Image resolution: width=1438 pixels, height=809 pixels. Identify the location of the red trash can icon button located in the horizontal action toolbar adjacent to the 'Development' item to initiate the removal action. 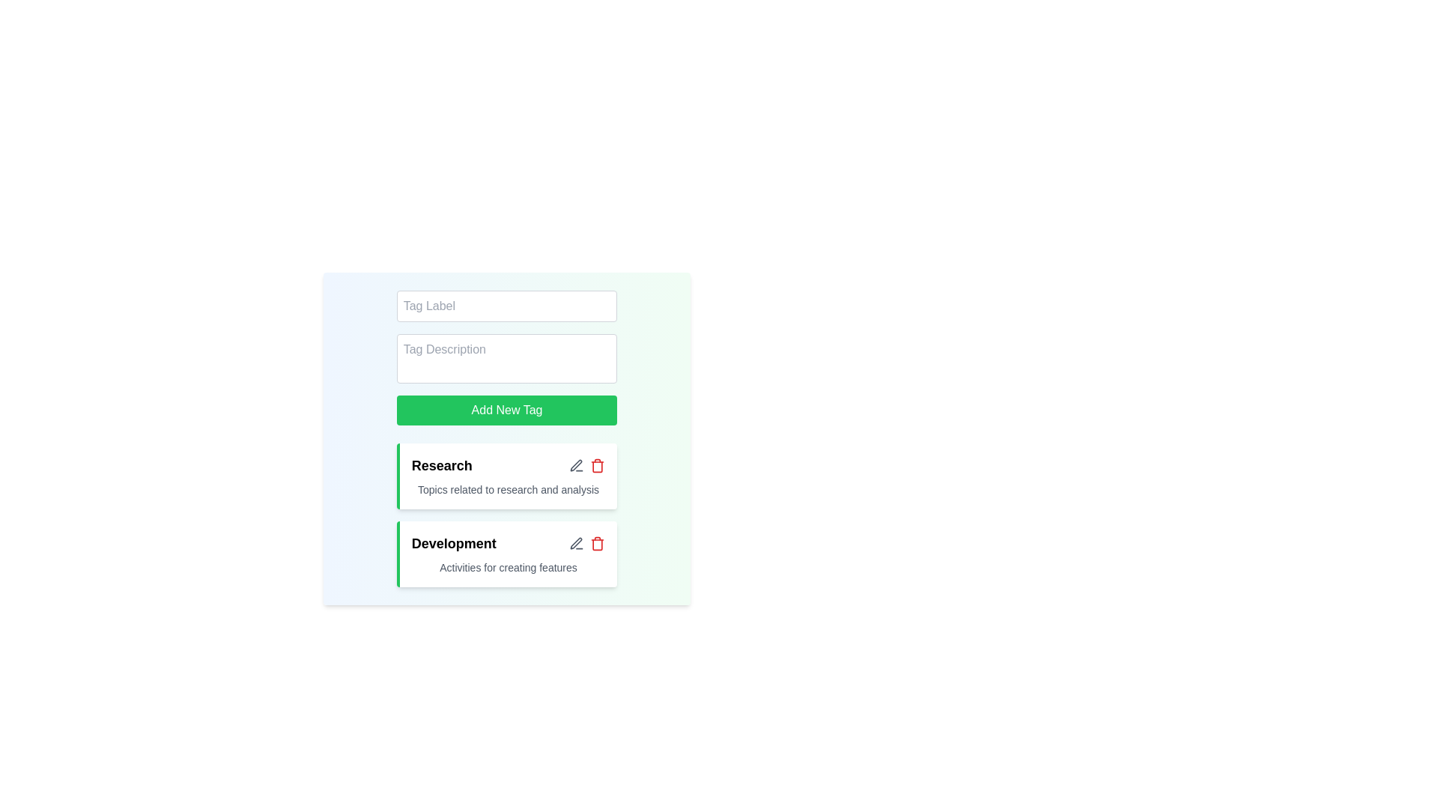
(597, 543).